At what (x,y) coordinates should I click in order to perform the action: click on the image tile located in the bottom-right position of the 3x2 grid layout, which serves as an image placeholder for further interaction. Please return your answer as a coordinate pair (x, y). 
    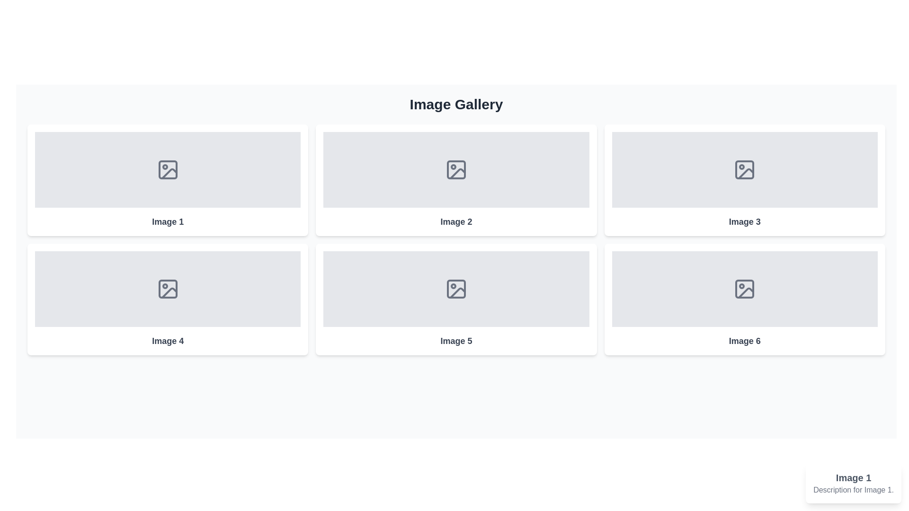
    Looking at the image, I should click on (744, 299).